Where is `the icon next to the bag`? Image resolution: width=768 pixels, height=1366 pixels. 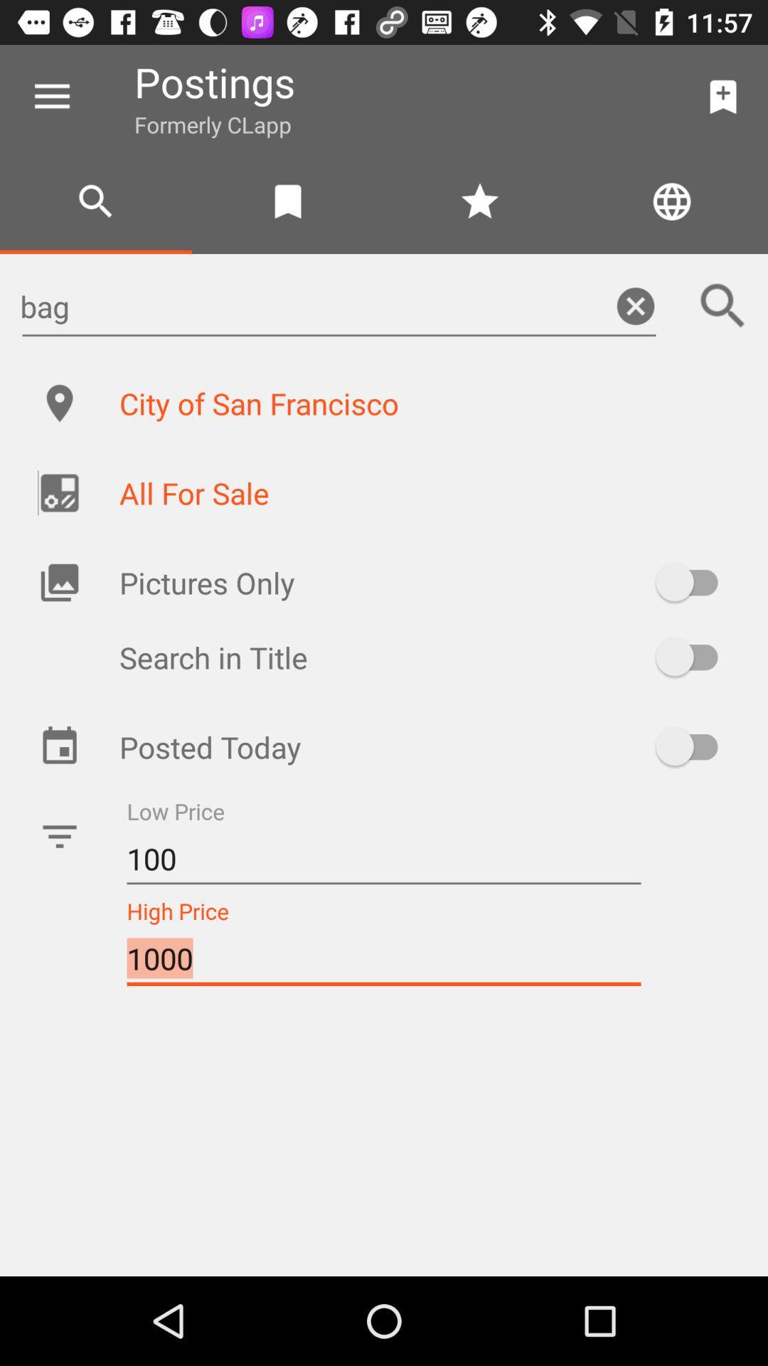 the icon next to the bag is located at coordinates (723, 305).